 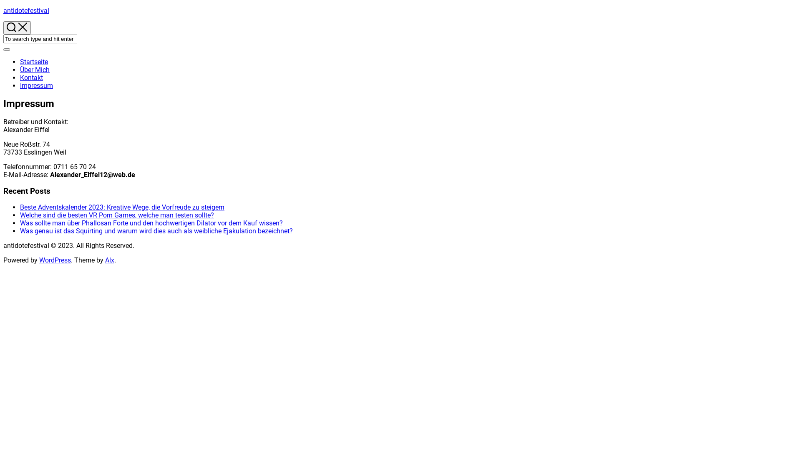 What do you see at coordinates (105, 260) in the screenshot?
I see `'Alx'` at bounding box center [105, 260].